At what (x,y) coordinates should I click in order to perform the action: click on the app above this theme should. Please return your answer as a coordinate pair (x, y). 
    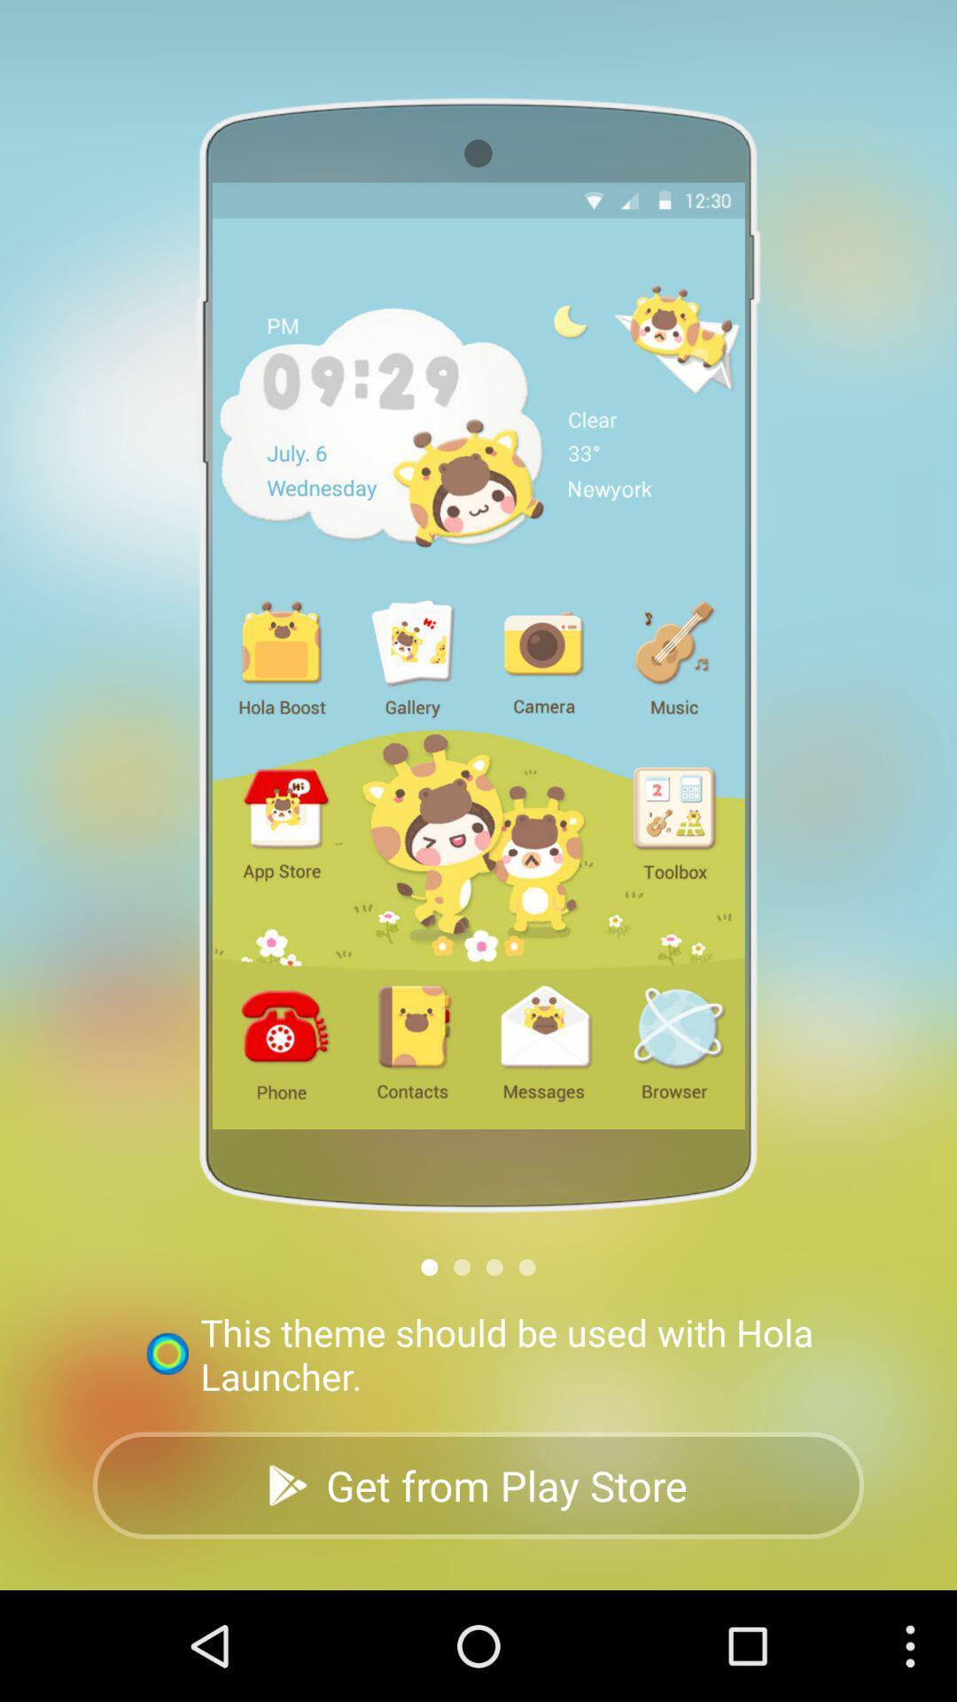
    Looking at the image, I should click on (429, 1266).